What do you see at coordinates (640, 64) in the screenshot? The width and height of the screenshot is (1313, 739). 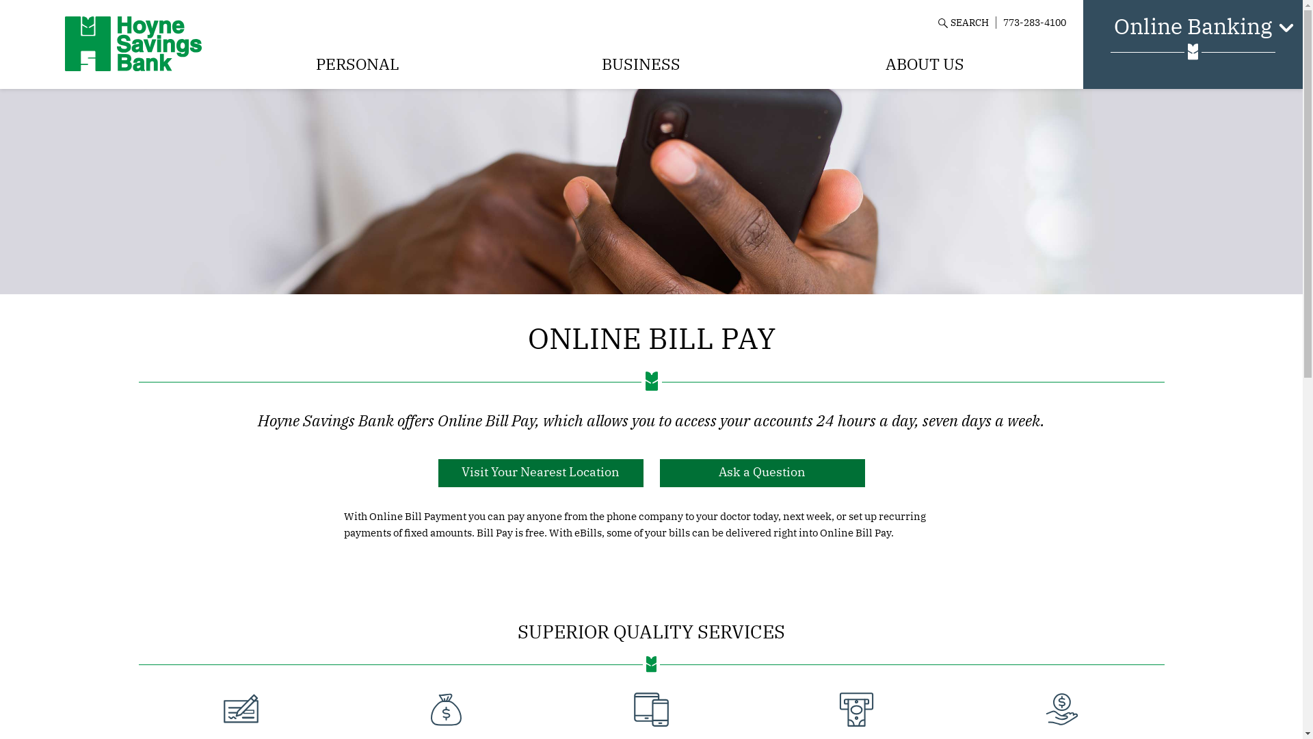 I see `'BUSINESS'` at bounding box center [640, 64].